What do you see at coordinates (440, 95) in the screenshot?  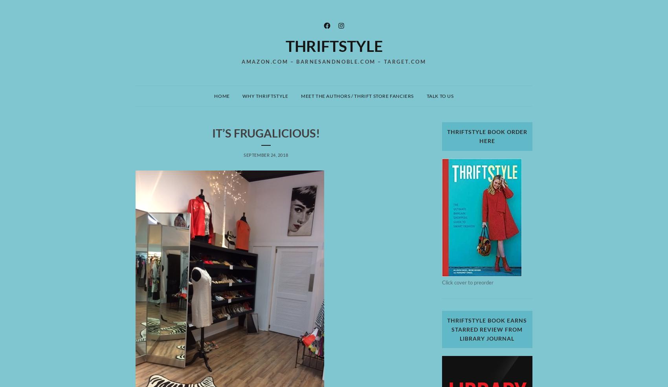 I see `'Talk to us'` at bounding box center [440, 95].